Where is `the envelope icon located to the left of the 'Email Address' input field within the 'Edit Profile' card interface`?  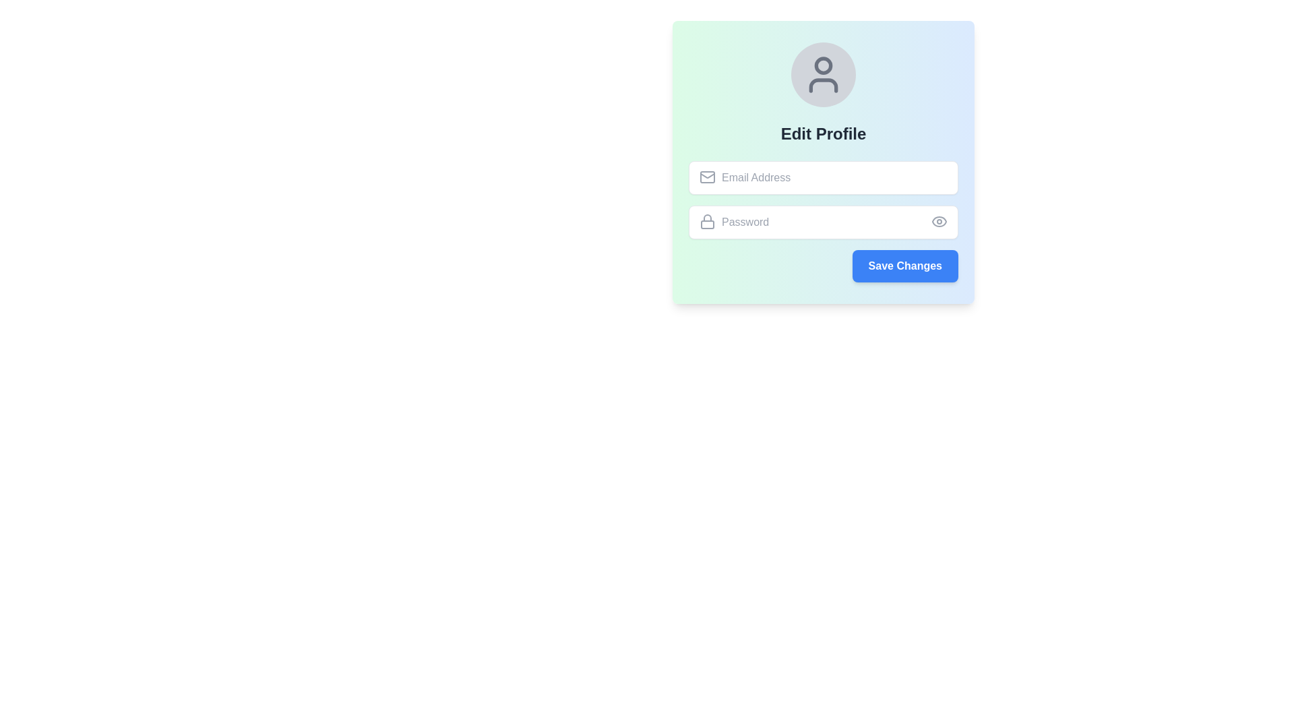 the envelope icon located to the left of the 'Email Address' input field within the 'Edit Profile' card interface is located at coordinates (707, 176).